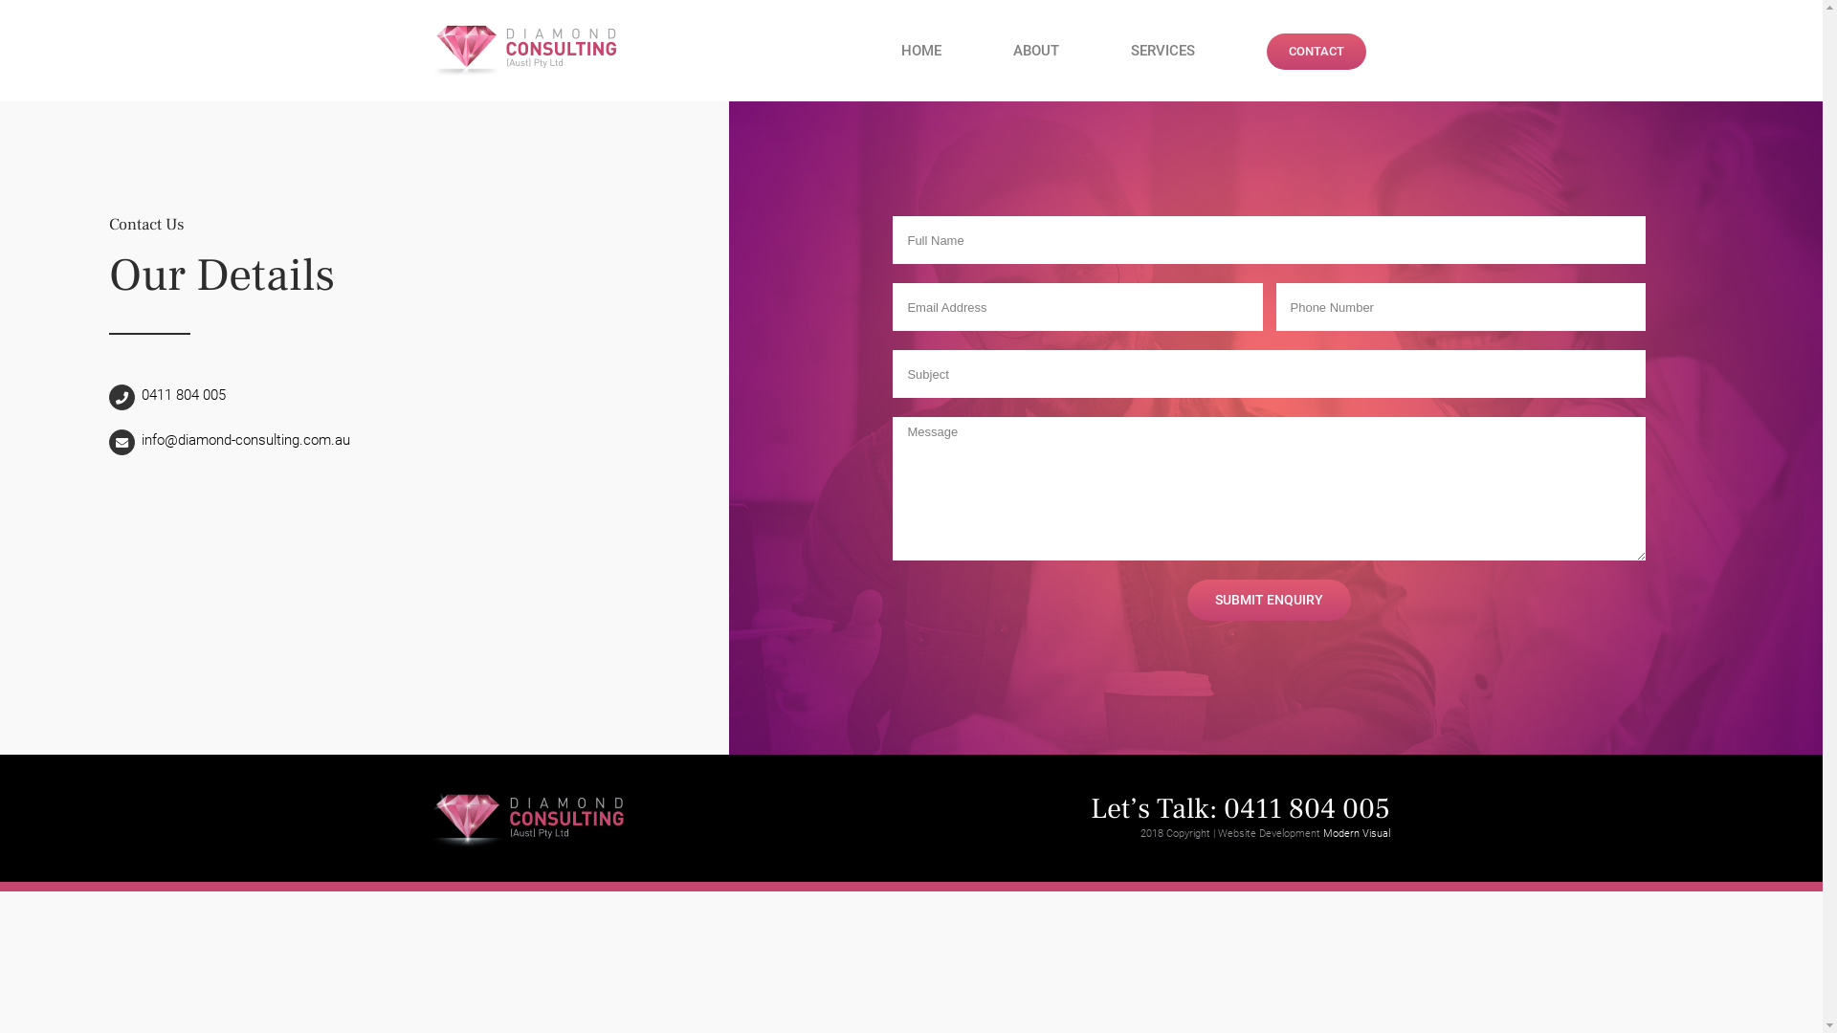  I want to click on 'CONTACT', so click(1314, 50).